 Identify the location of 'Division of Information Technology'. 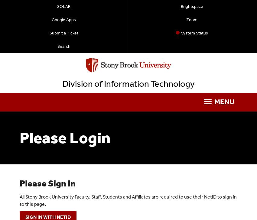
(128, 84).